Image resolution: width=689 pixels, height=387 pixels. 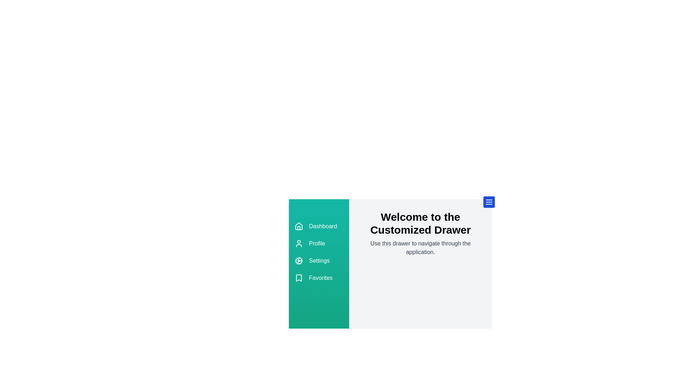 What do you see at coordinates (299, 277) in the screenshot?
I see `the icon for Favorites in the drawer menu` at bounding box center [299, 277].